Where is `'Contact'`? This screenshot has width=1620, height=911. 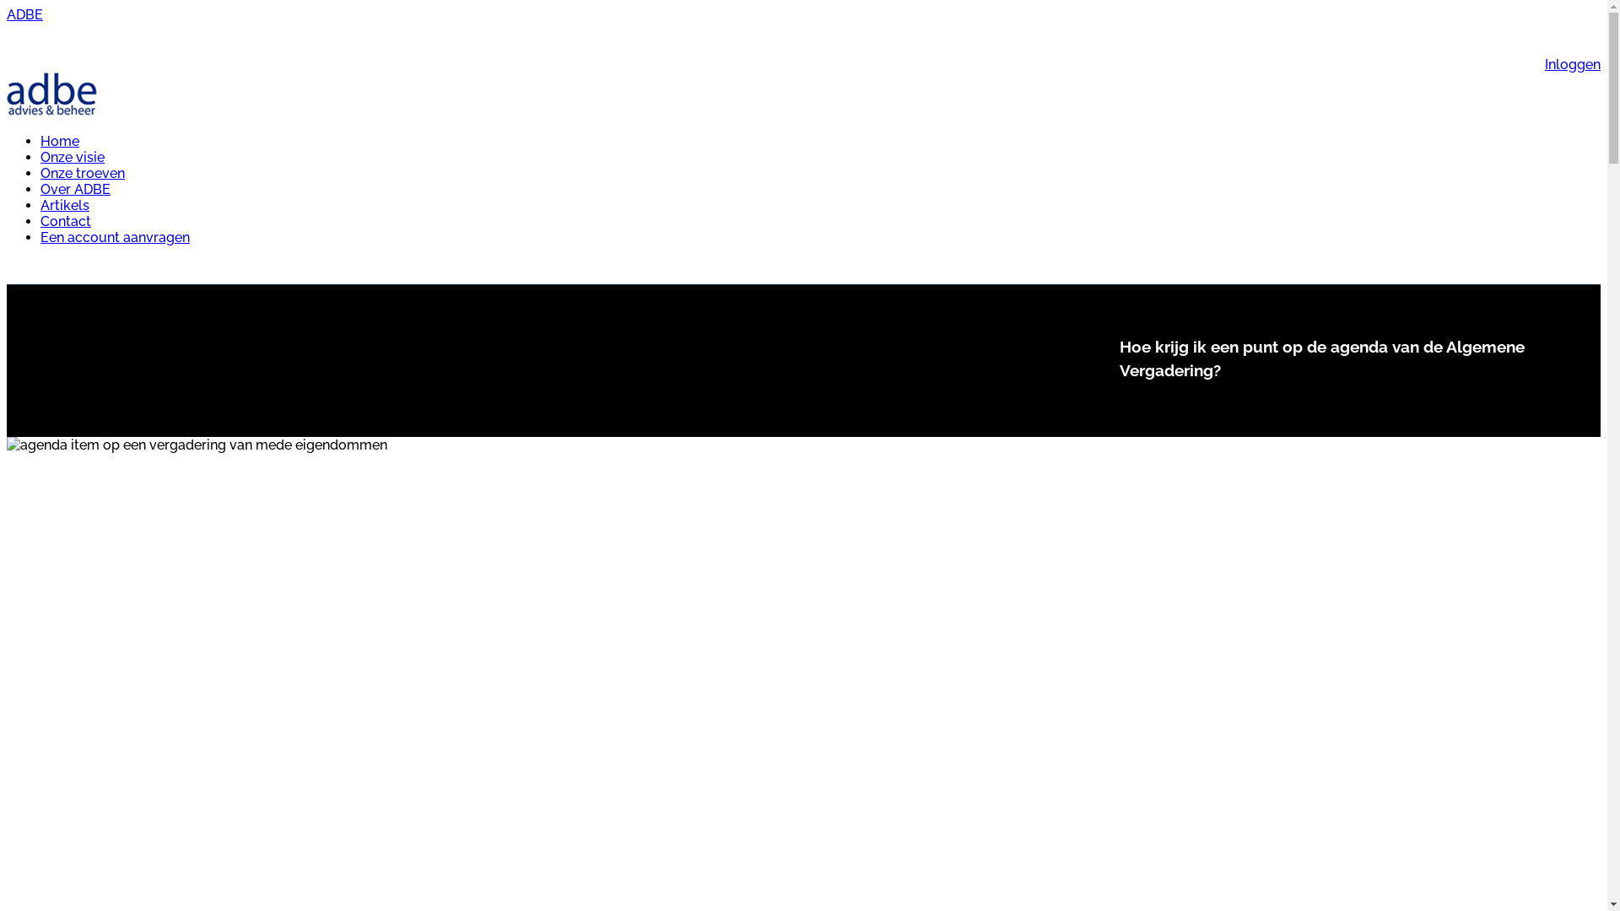
'Contact' is located at coordinates (65, 220).